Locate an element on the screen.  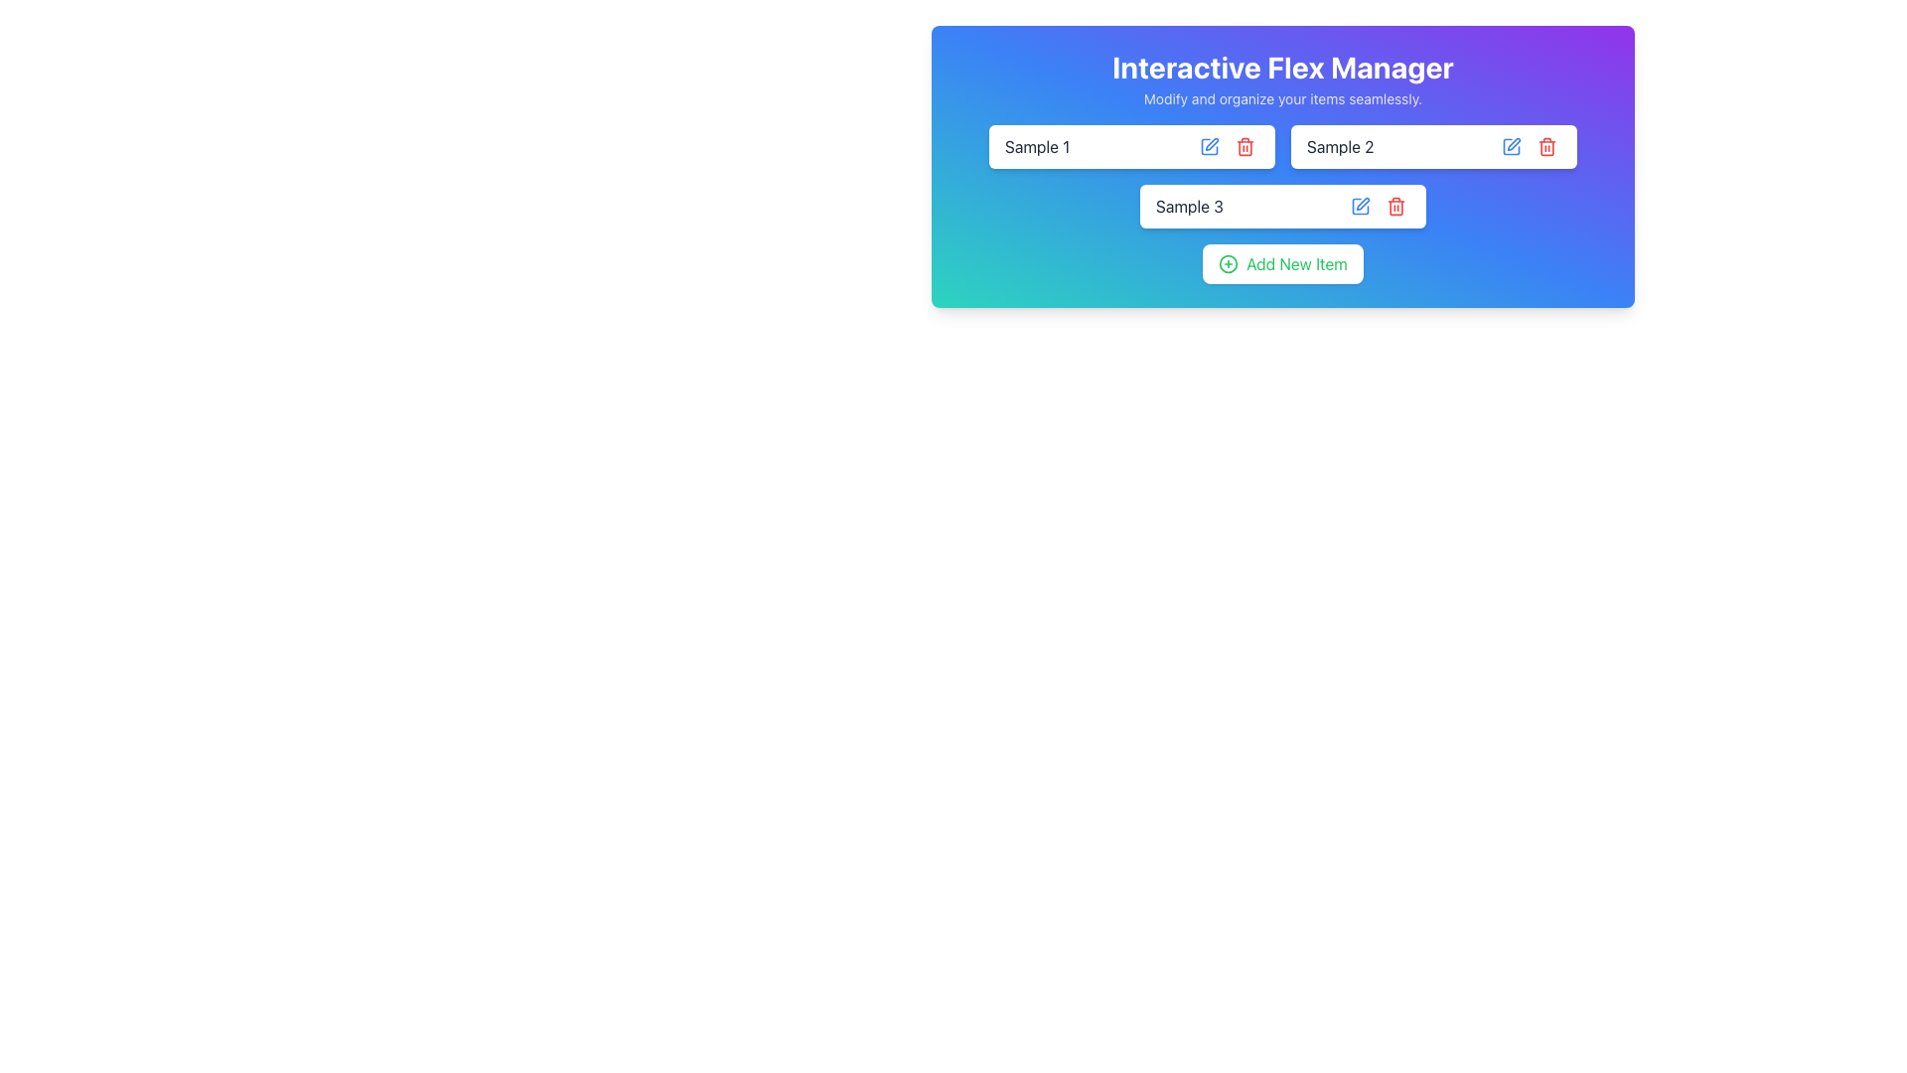
the delete icon button located at the rightmost position in the row associated with the item labeled 'Sample 3' is located at coordinates (1395, 207).